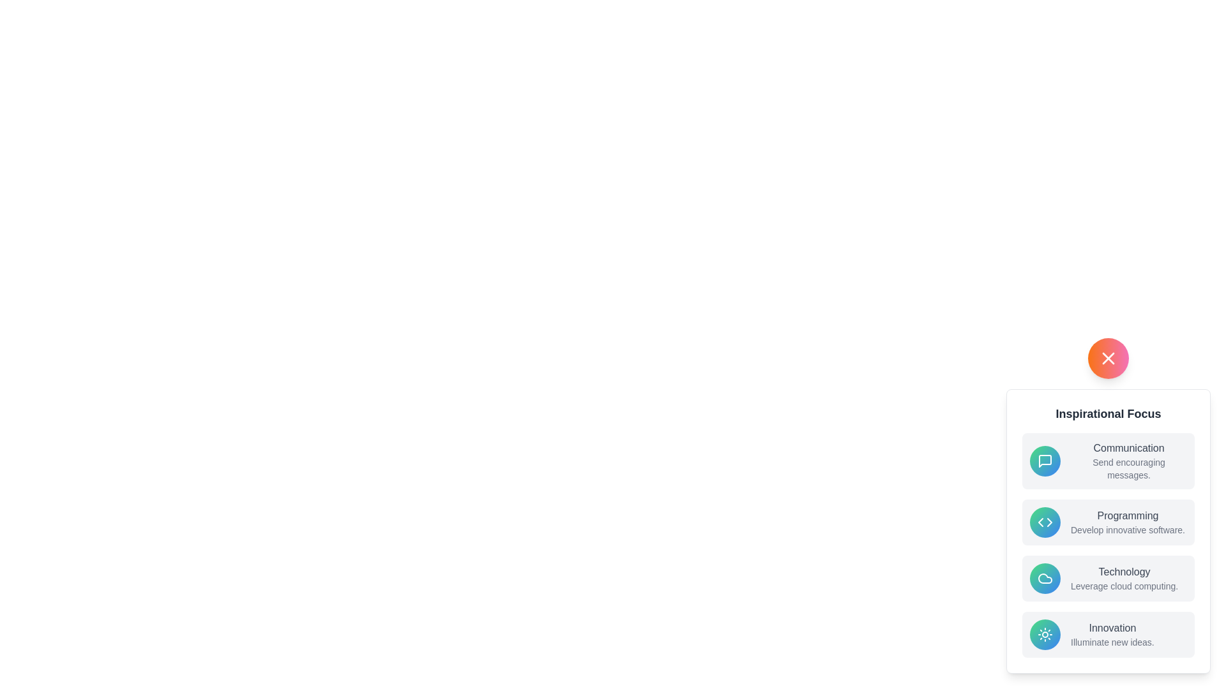  Describe the element at coordinates (1108, 635) in the screenshot. I see `the Innovation menu item` at that location.